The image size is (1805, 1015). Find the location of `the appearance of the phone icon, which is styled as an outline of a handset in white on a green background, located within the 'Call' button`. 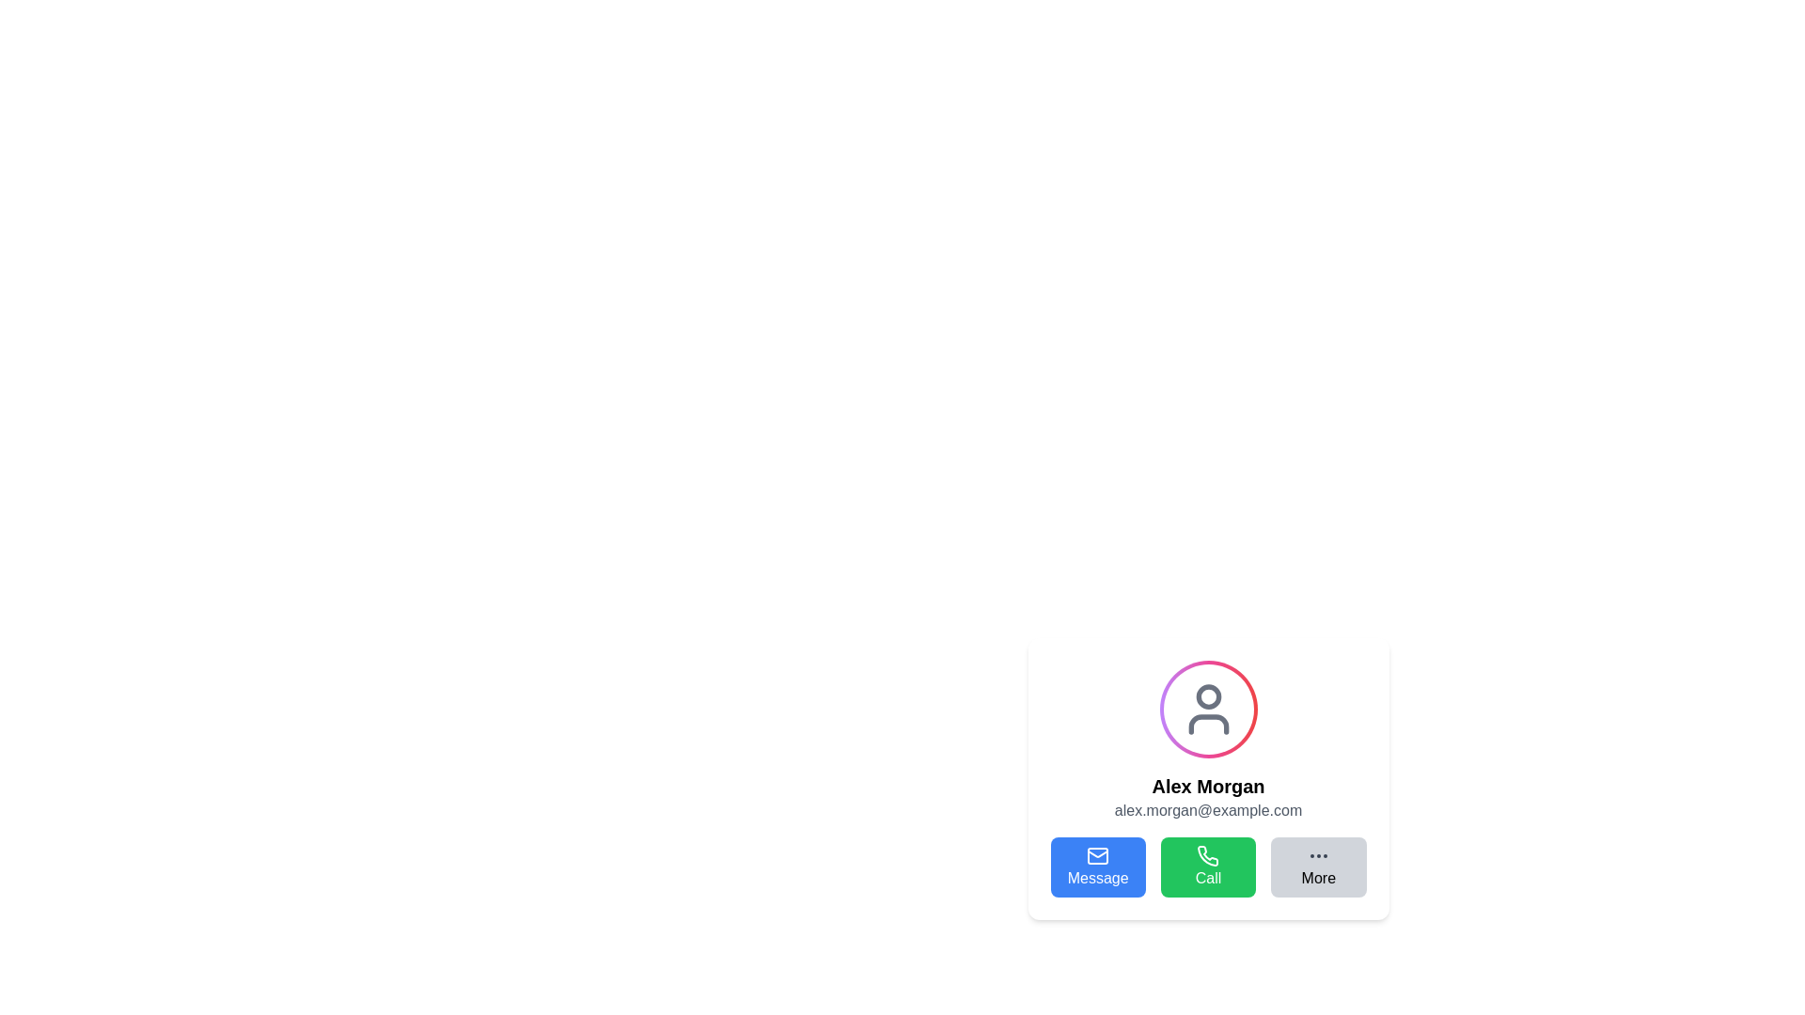

the appearance of the phone icon, which is styled as an outline of a handset in white on a green background, located within the 'Call' button is located at coordinates (1208, 855).